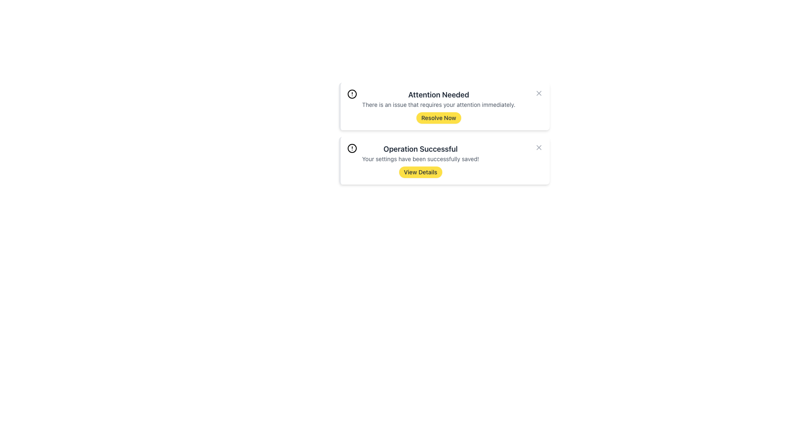 This screenshot has height=444, width=790. I want to click on the clickable button located within the 'Operation Successful' notification card, so click(421, 172).